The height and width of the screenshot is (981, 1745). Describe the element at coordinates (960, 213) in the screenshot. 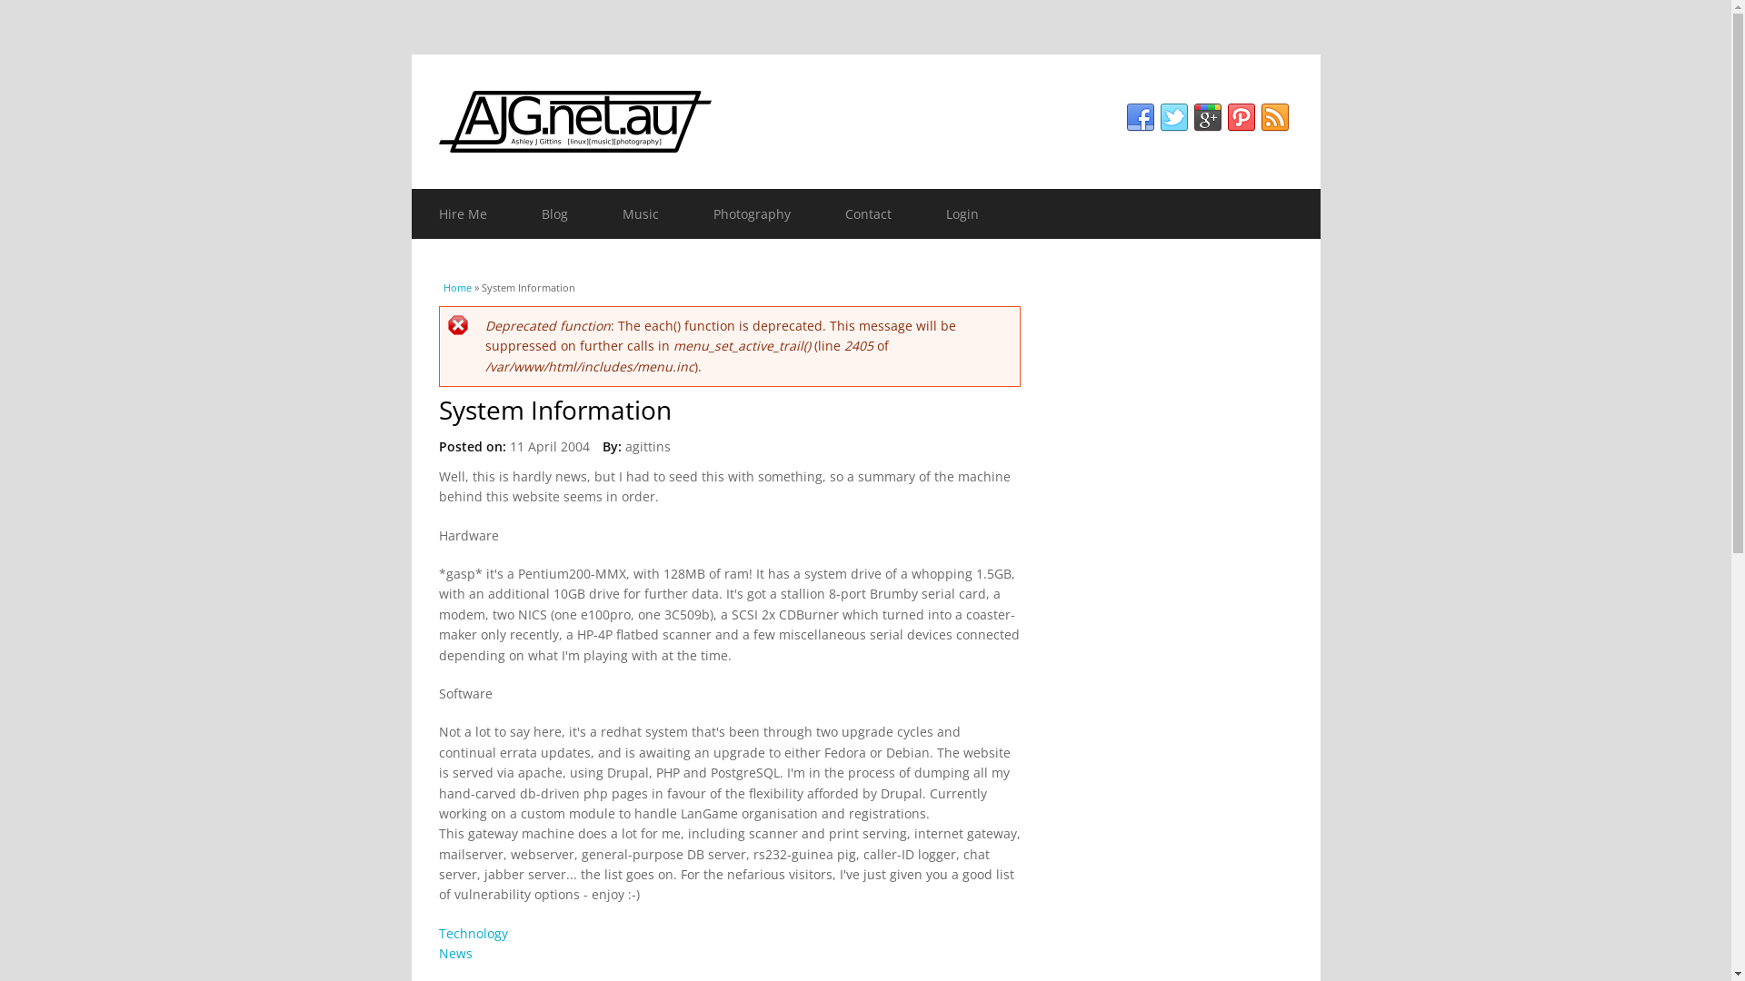

I see `'Login'` at that location.